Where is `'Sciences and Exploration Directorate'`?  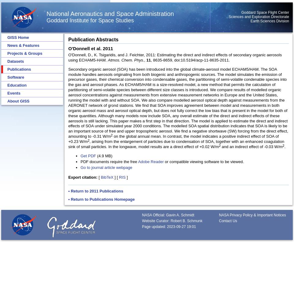 'Sciences and Exploration Directorate' is located at coordinates (258, 17).